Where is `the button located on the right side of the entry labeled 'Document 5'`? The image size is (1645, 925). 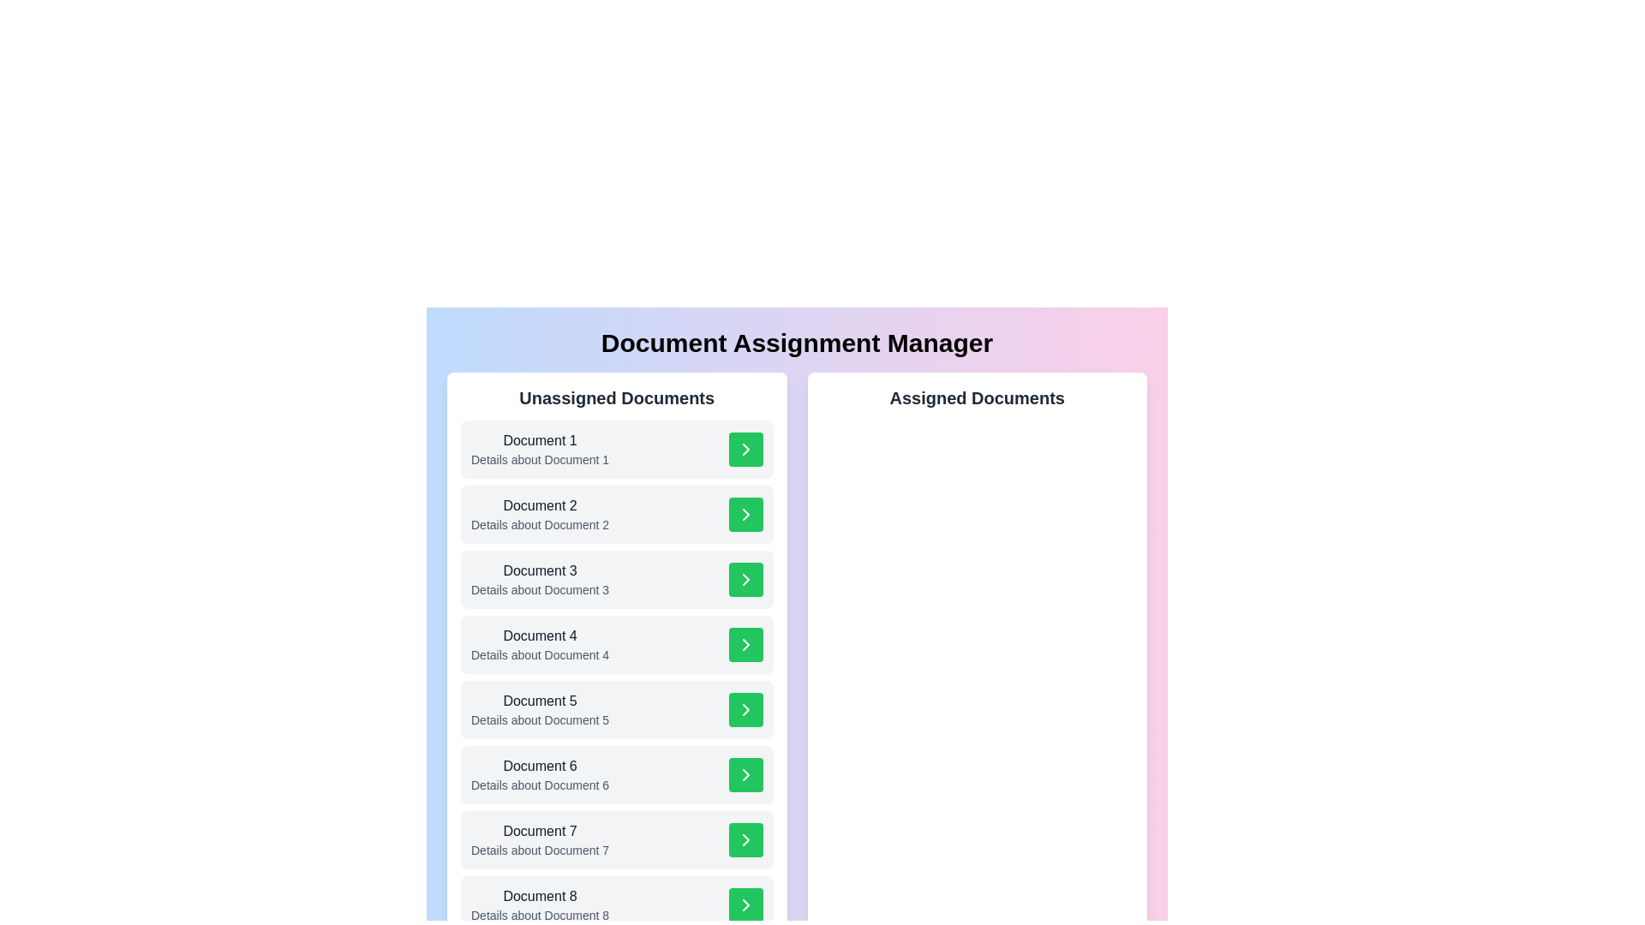 the button located on the right side of the entry labeled 'Document 5' is located at coordinates (745, 710).